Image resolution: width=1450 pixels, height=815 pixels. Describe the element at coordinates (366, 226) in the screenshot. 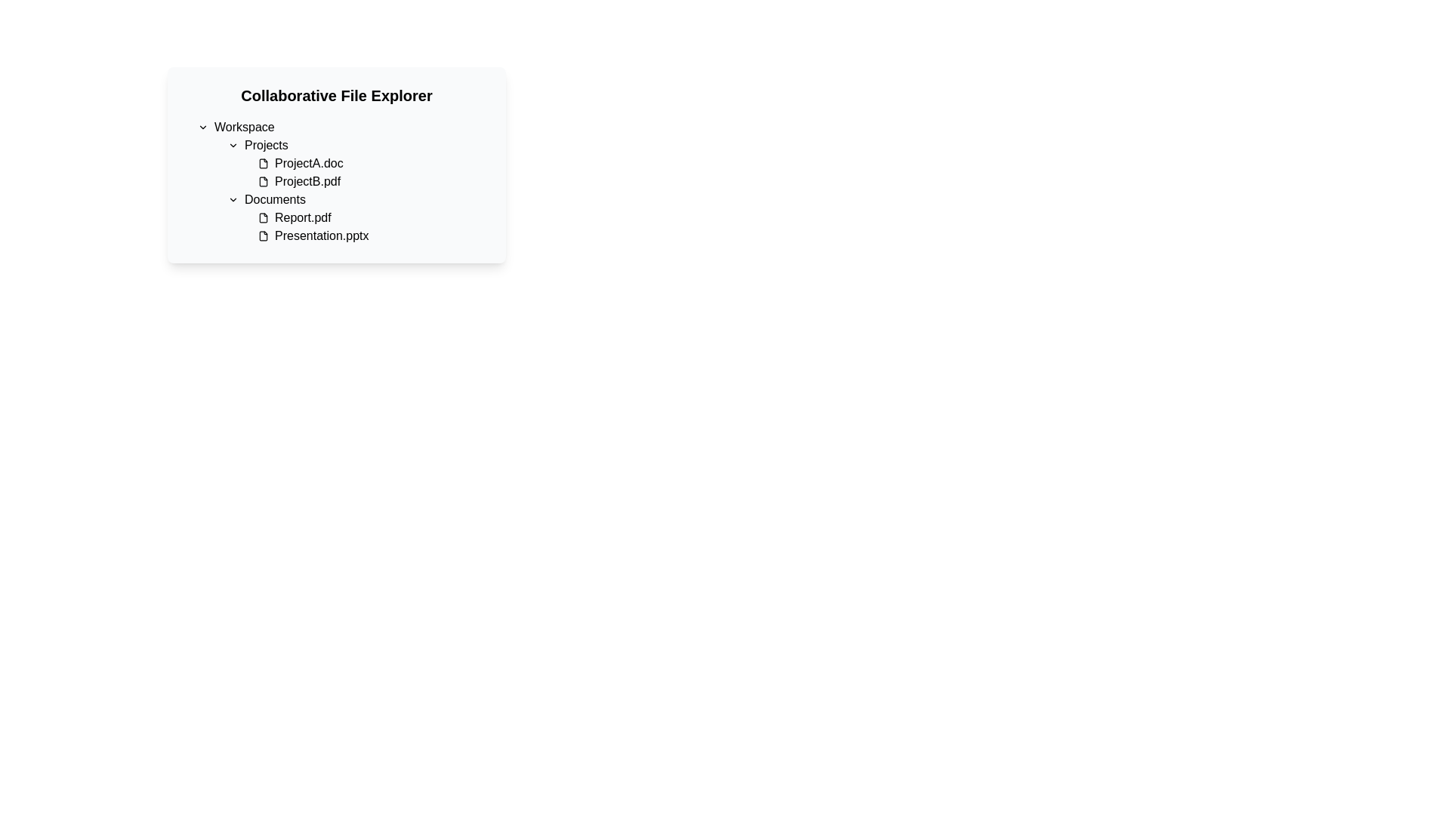

I see `the second listed file item under the 'Documents' header in the file explorer interface` at that location.